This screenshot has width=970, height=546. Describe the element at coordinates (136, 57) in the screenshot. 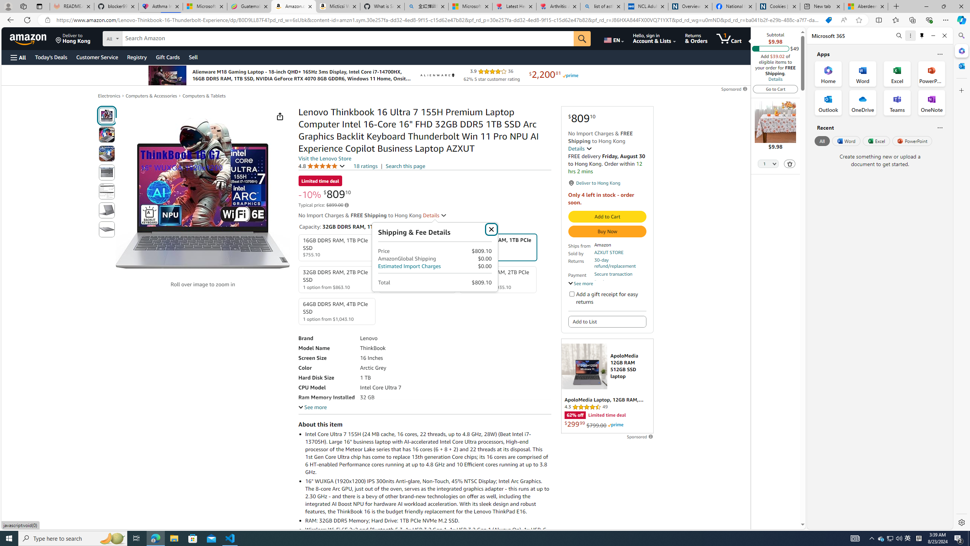

I see `'Registry'` at that location.